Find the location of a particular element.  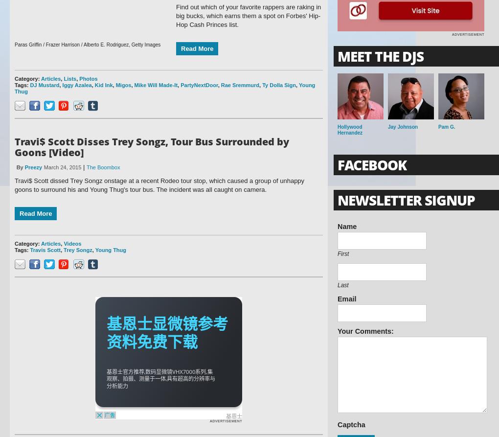

'Iggy Azalea' is located at coordinates (76, 84).